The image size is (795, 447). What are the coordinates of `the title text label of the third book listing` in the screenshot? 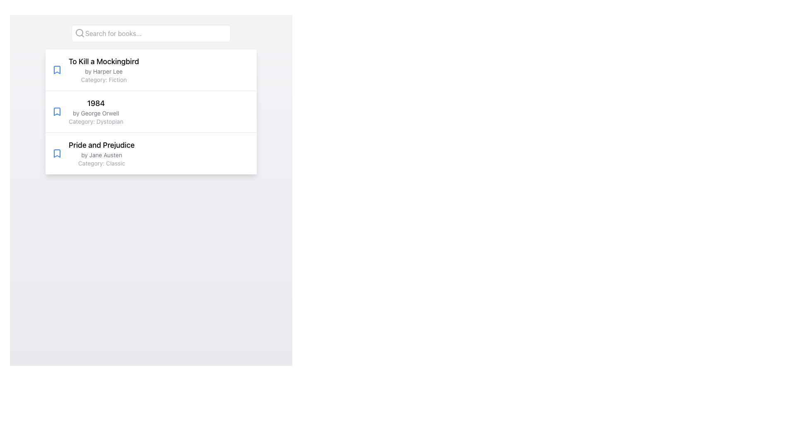 It's located at (101, 145).